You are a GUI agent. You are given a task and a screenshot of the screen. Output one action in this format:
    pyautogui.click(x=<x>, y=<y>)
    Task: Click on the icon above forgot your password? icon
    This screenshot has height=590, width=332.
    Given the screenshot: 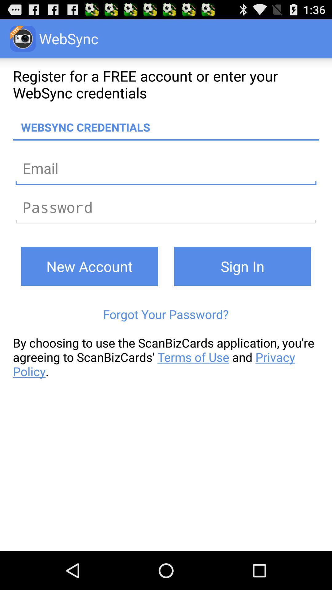 What is the action you would take?
    pyautogui.click(x=89, y=266)
    